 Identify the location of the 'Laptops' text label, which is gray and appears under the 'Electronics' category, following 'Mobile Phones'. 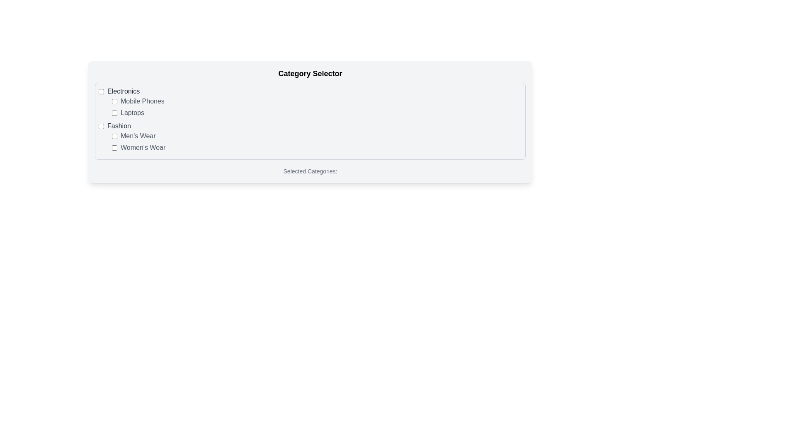
(132, 113).